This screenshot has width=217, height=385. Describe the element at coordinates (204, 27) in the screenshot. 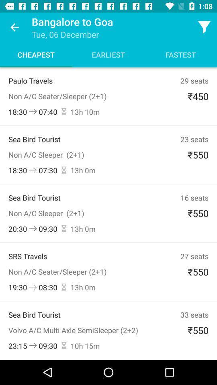

I see `the filter icon which is in the top right corner` at that location.